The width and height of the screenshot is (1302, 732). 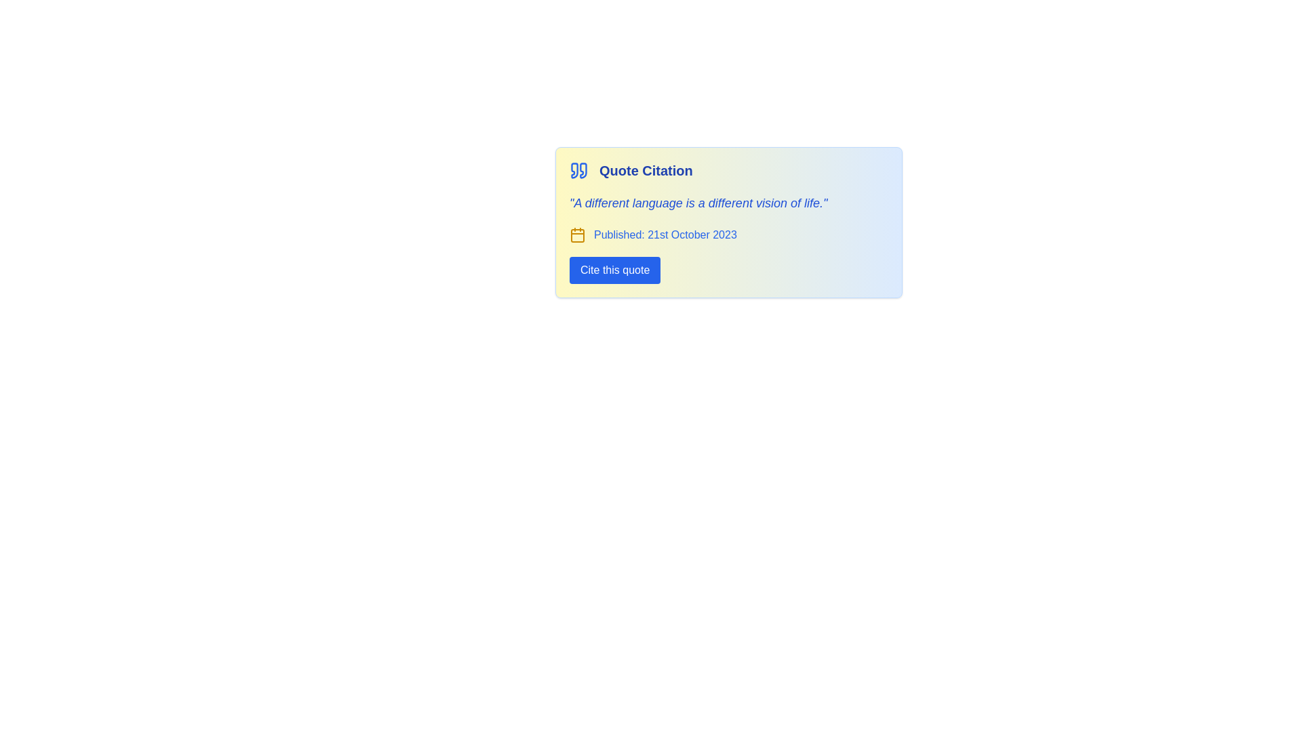 What do you see at coordinates (574, 169) in the screenshot?
I see `the left quotation mark icon of the 'Quote Citation' header, which is a stylized glyph rendered in blue within a yellow-and-blue gradient box` at bounding box center [574, 169].